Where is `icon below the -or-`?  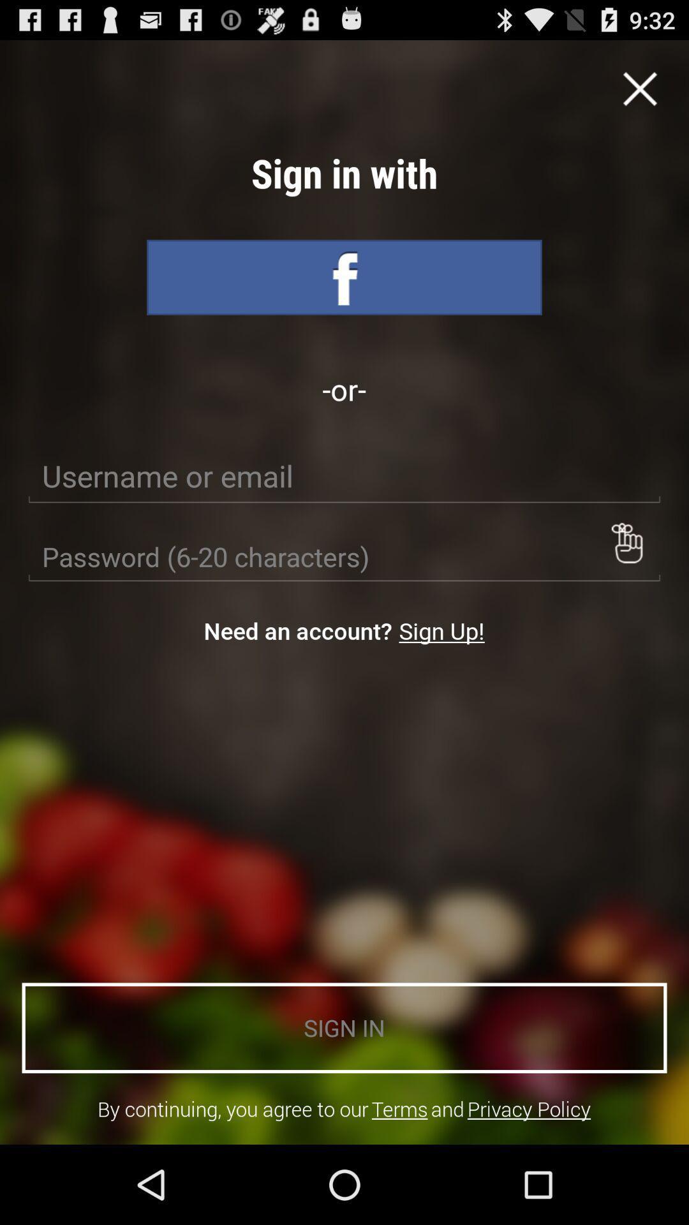 icon below the -or- is located at coordinates (344, 476).